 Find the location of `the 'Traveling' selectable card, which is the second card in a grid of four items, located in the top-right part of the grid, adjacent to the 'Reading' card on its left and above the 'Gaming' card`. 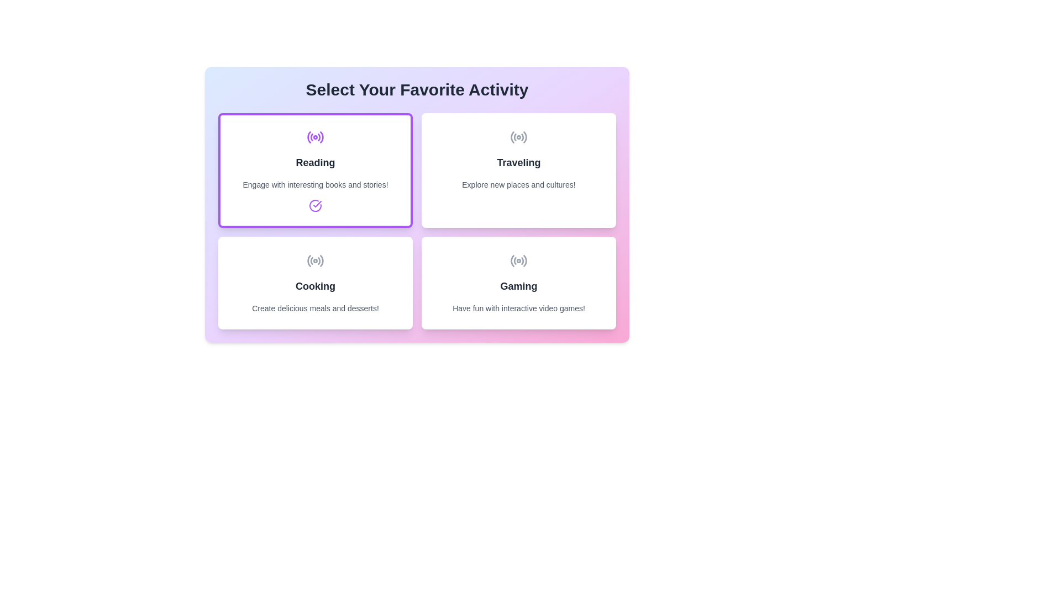

the 'Traveling' selectable card, which is the second card in a grid of four items, located in the top-right part of the grid, adjacent to the 'Reading' card on its left and above the 'Gaming' card is located at coordinates (518, 170).